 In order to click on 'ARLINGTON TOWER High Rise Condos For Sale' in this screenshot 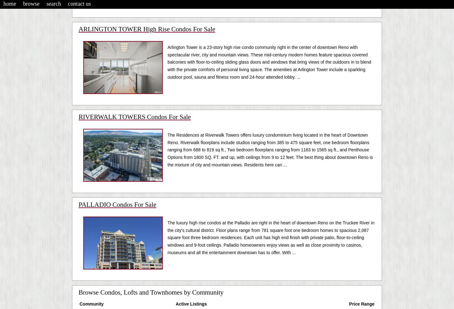, I will do `click(146, 29)`.